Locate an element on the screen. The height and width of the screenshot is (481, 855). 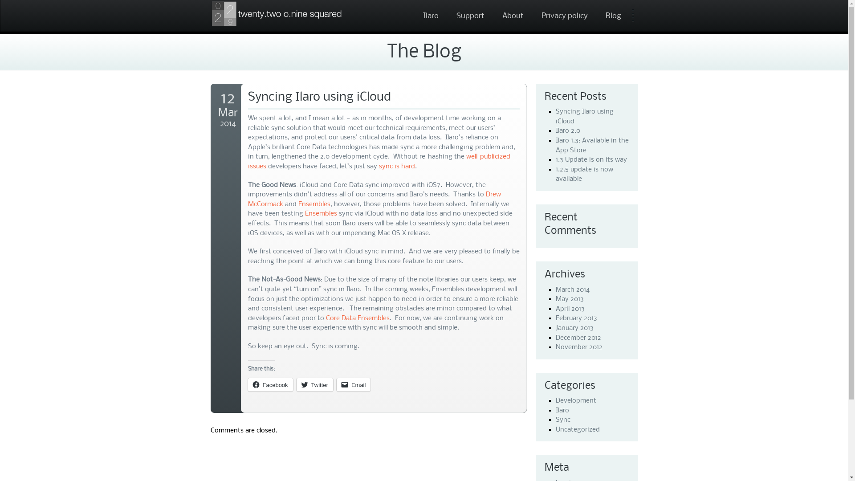
'Core Data Ensembles' is located at coordinates (325, 318).